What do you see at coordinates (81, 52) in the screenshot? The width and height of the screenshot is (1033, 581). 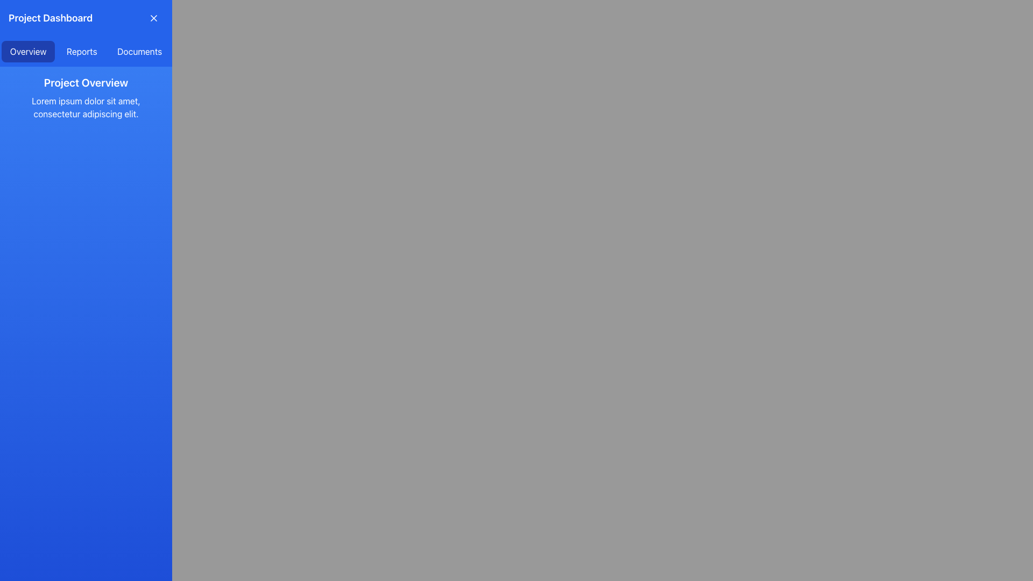 I see `the 'Reports' button, which is the second button in the navigation bar, to trigger its visual style change` at bounding box center [81, 52].